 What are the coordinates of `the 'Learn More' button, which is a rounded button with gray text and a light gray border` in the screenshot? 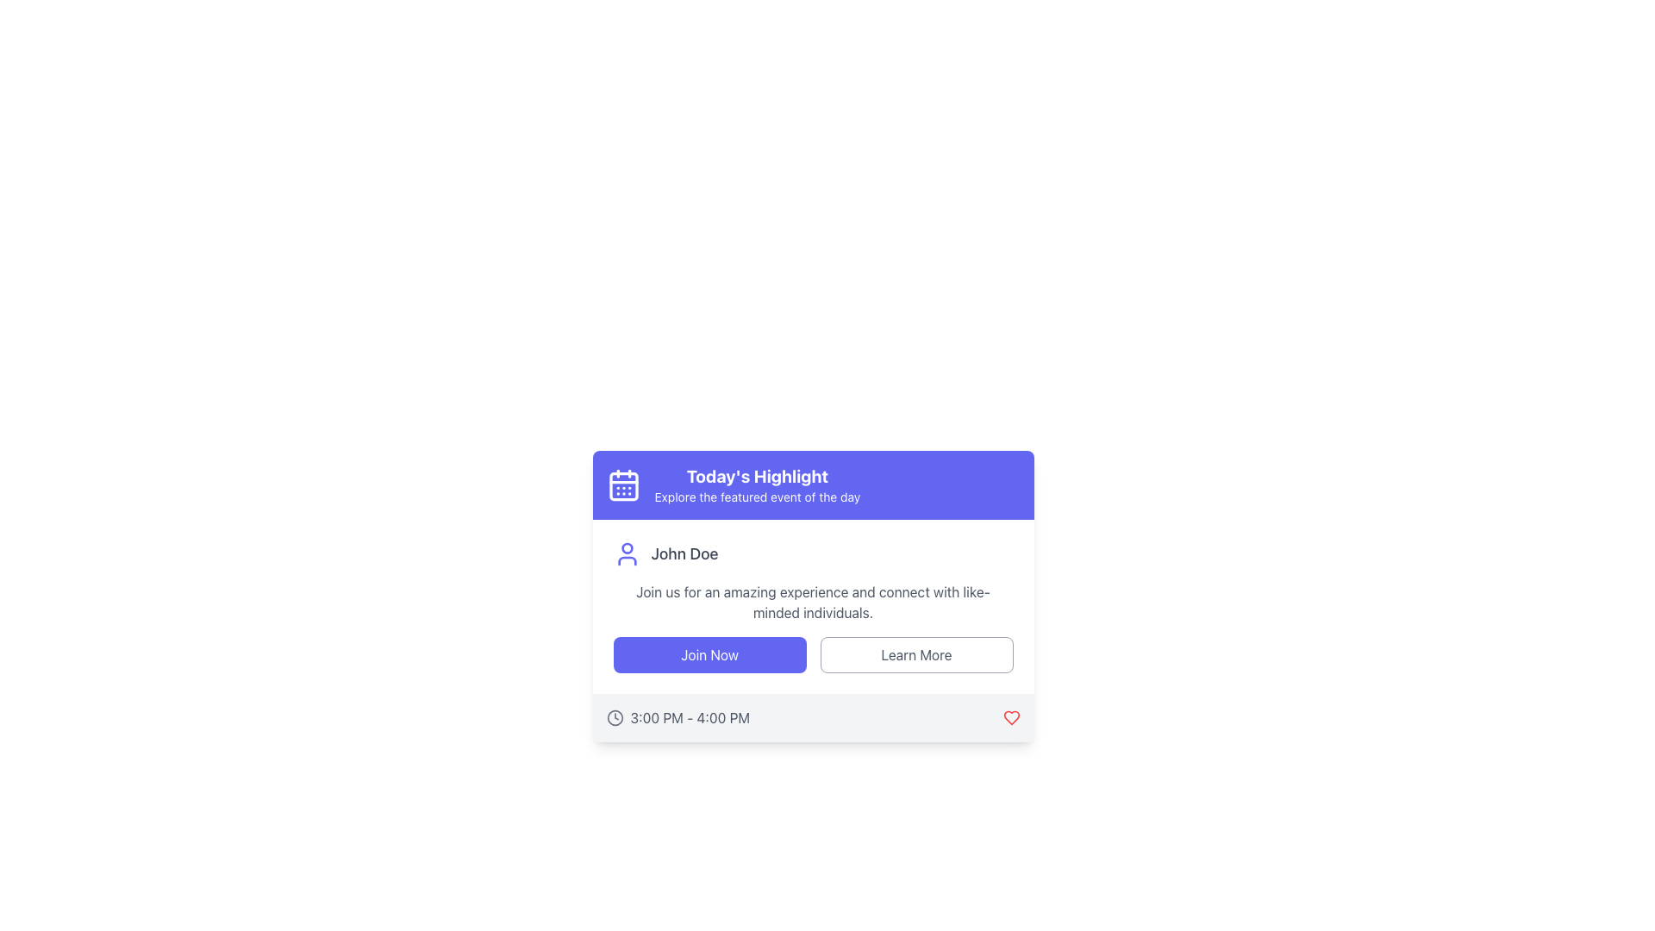 It's located at (915, 654).